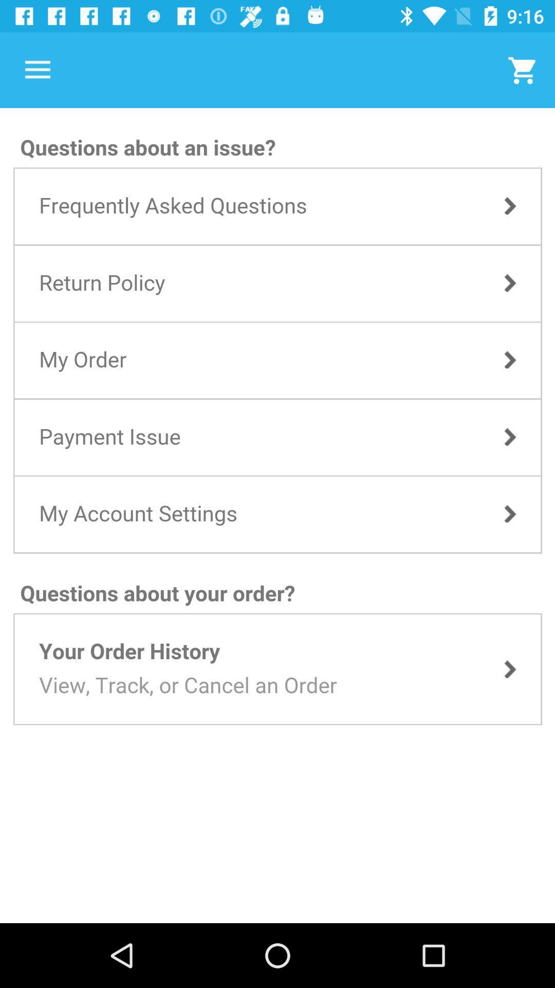 The height and width of the screenshot is (988, 555). I want to click on take me to the site, so click(277, 516).